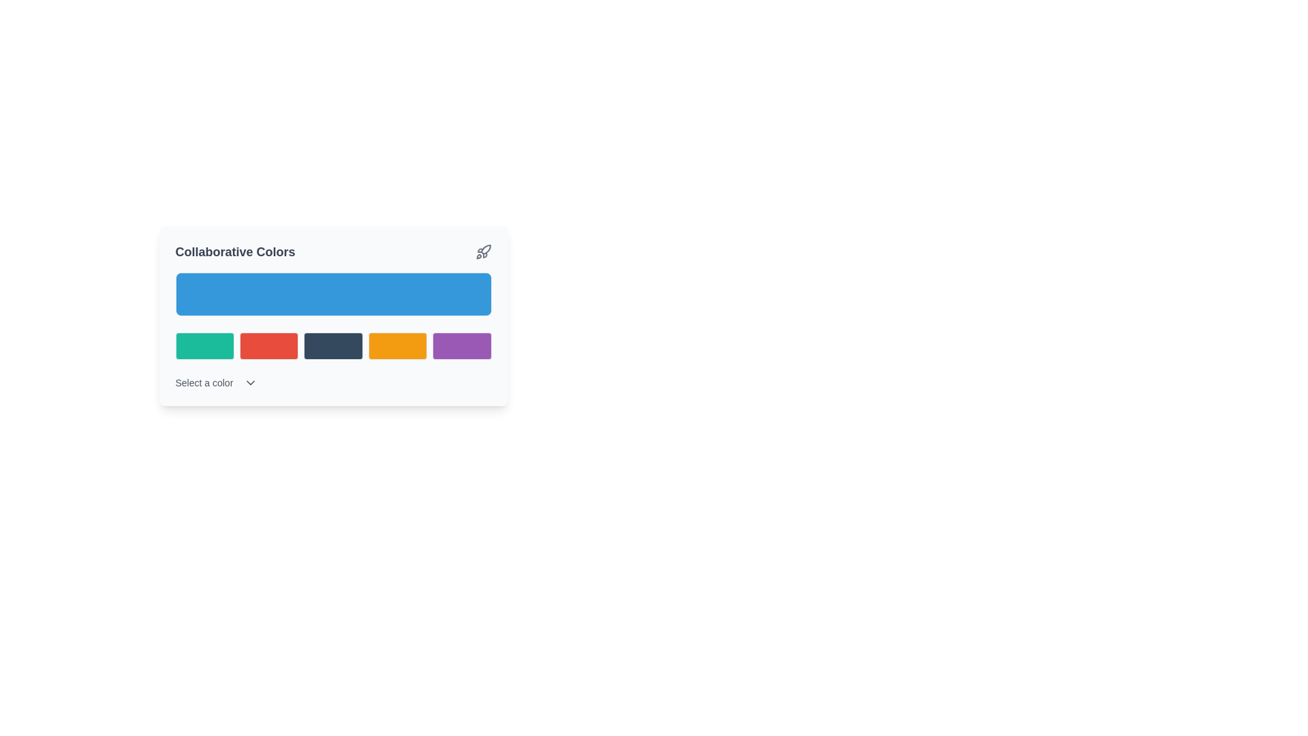 The image size is (1308, 736). I want to click on the body of the rocket icon located in the upper-right corner of the card labeled 'Collaborative Colors', so click(486, 249).